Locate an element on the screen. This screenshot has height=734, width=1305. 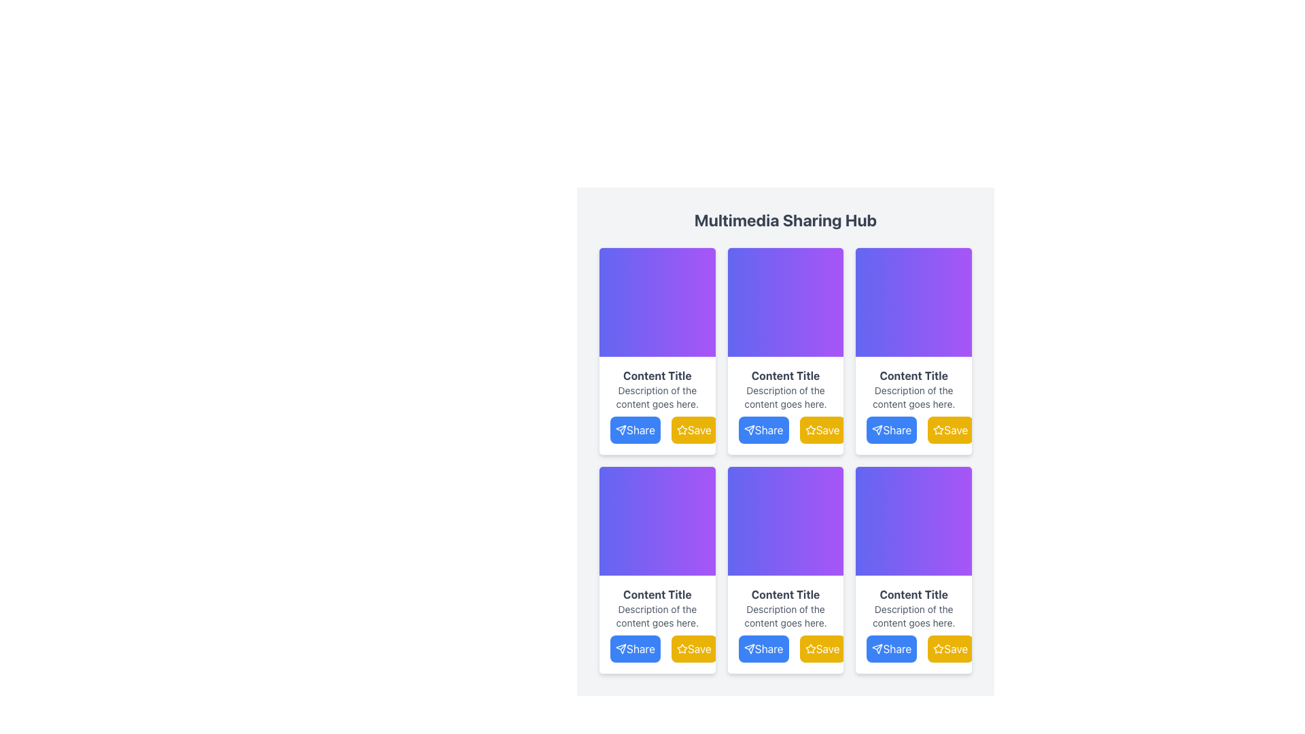
the 'Share' icon located in the first column of the grid's second row, which is near the bottom-left of the card containing multimedia content details is located at coordinates (620, 430).